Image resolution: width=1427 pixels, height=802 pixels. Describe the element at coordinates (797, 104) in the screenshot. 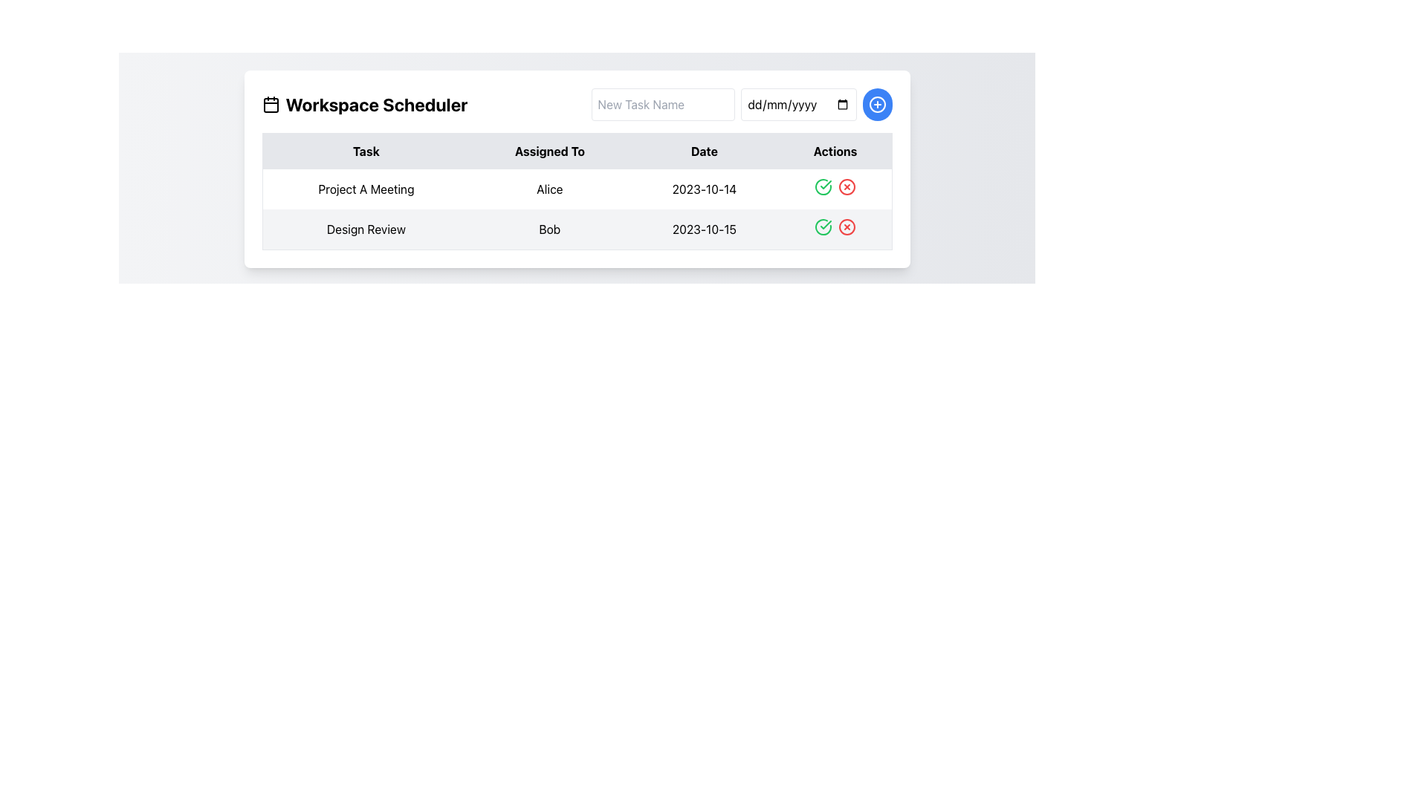

I see `the date input field styled with rounded corners and bordered edges that has a placeholder text in the format 'dd/mm/yyyy'` at that location.